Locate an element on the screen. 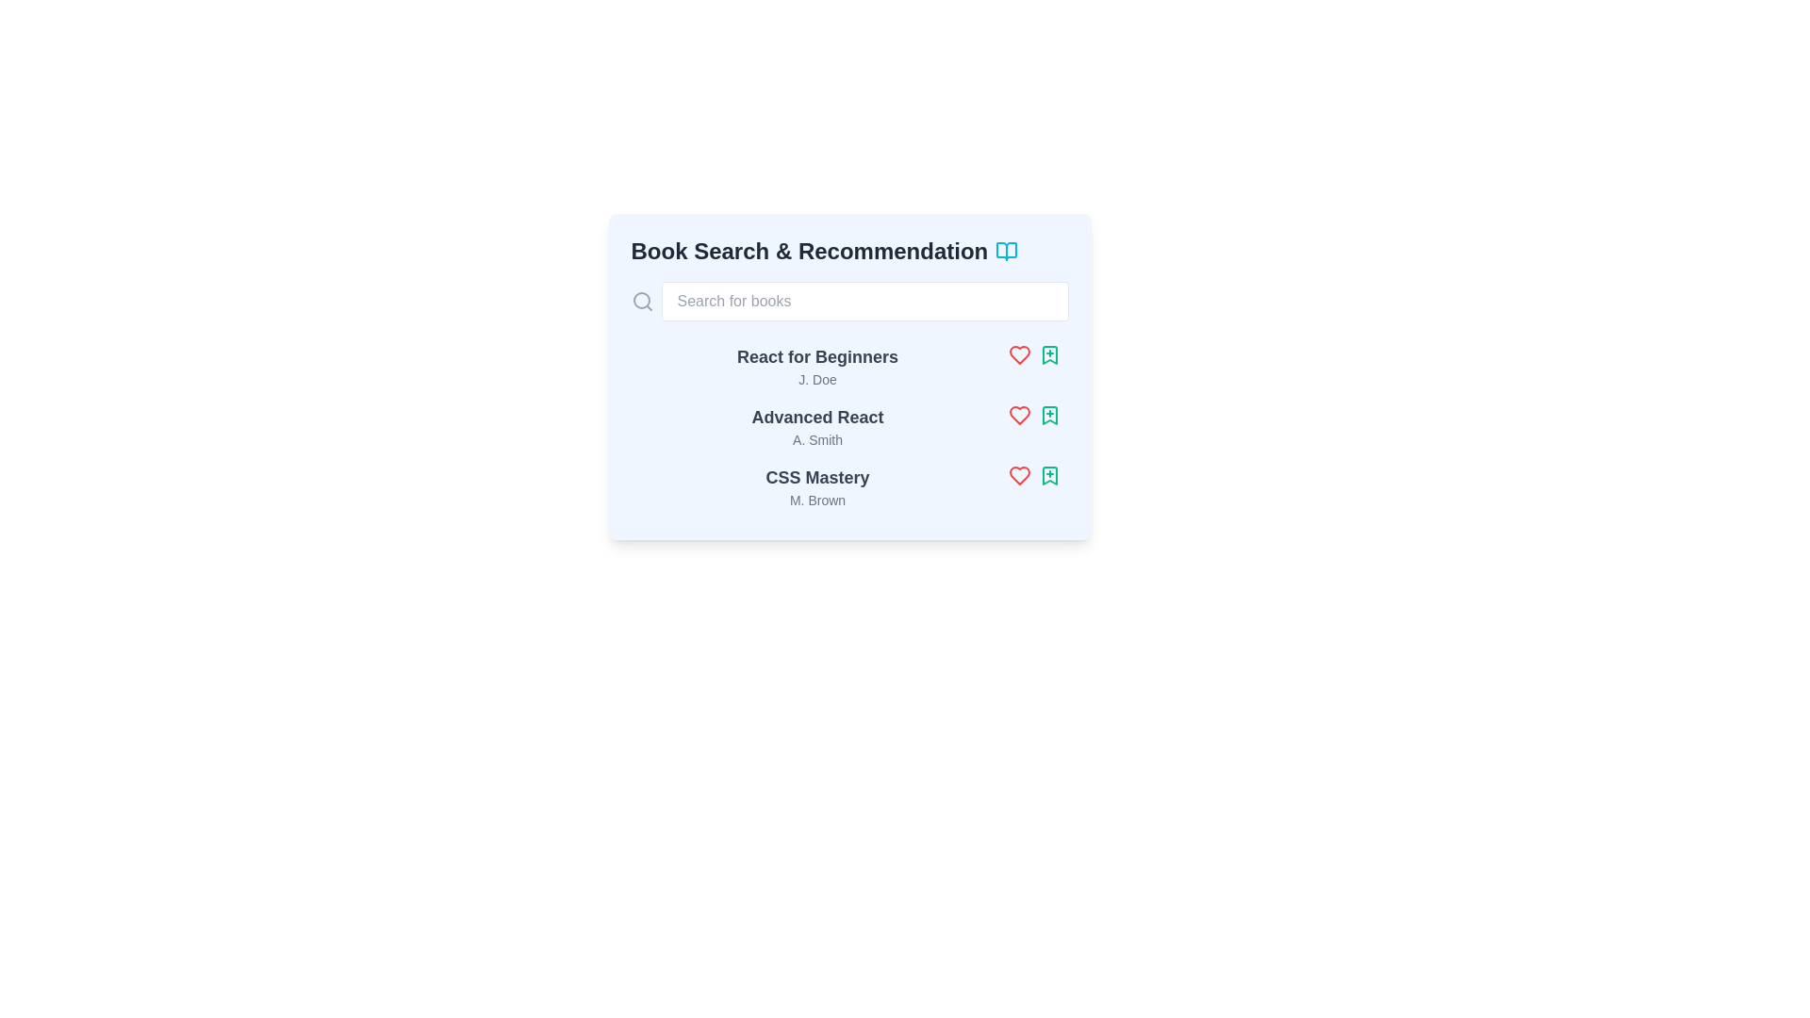  the icon representing 'Book Search & Recommendation' located at the far right of the text header is located at coordinates (1006, 250).